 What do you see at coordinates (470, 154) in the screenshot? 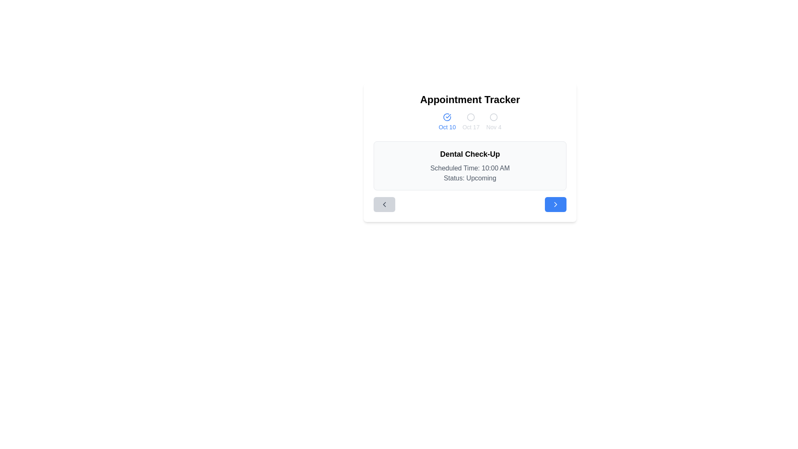
I see `the text label that reads 'Dental Check-Up', which is styled with a large, bold font and positioned at the top of its card layout` at bounding box center [470, 154].